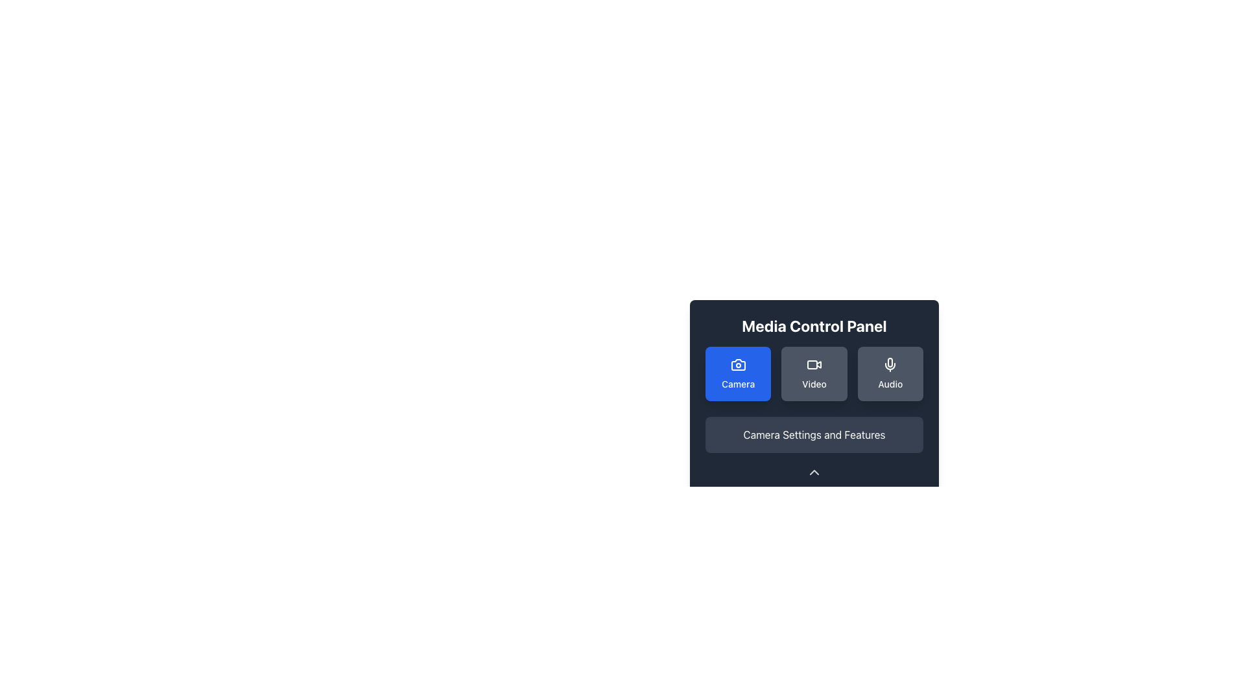 The width and height of the screenshot is (1245, 700). Describe the element at coordinates (811, 365) in the screenshot. I see `the SVG rectangle shape that visually represents the video icon in the Media Control Panel section` at that location.